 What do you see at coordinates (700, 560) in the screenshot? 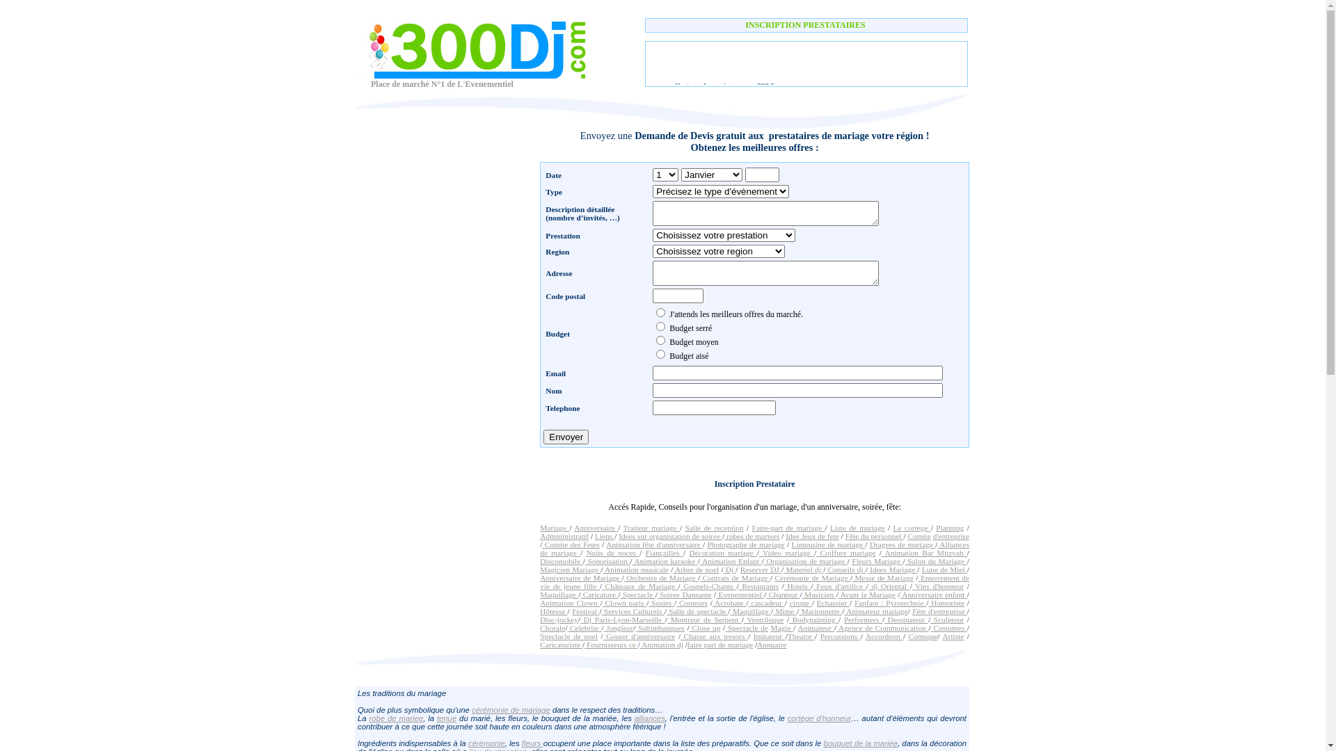
I see `'Animation Enfant'` at bounding box center [700, 560].